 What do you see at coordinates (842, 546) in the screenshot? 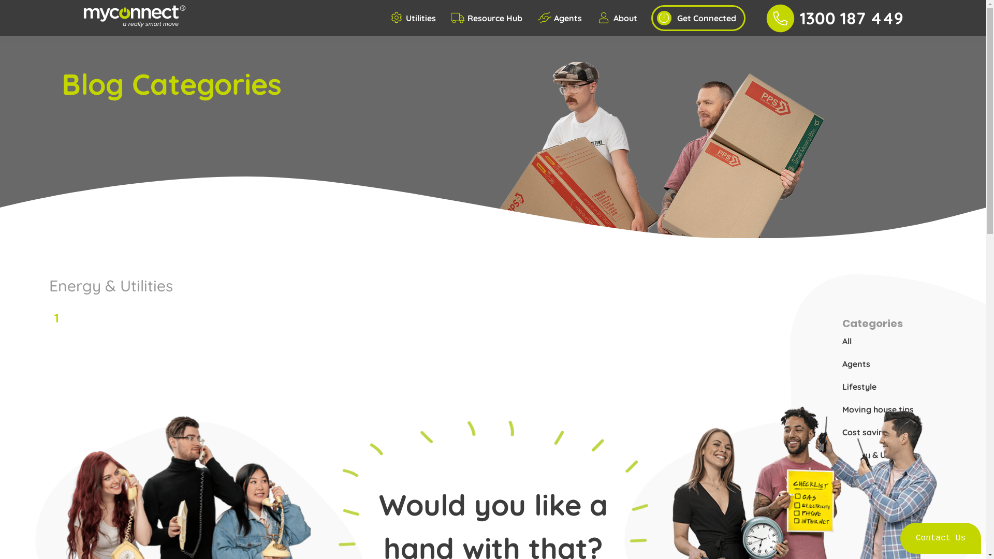
I see `'Winter'` at bounding box center [842, 546].